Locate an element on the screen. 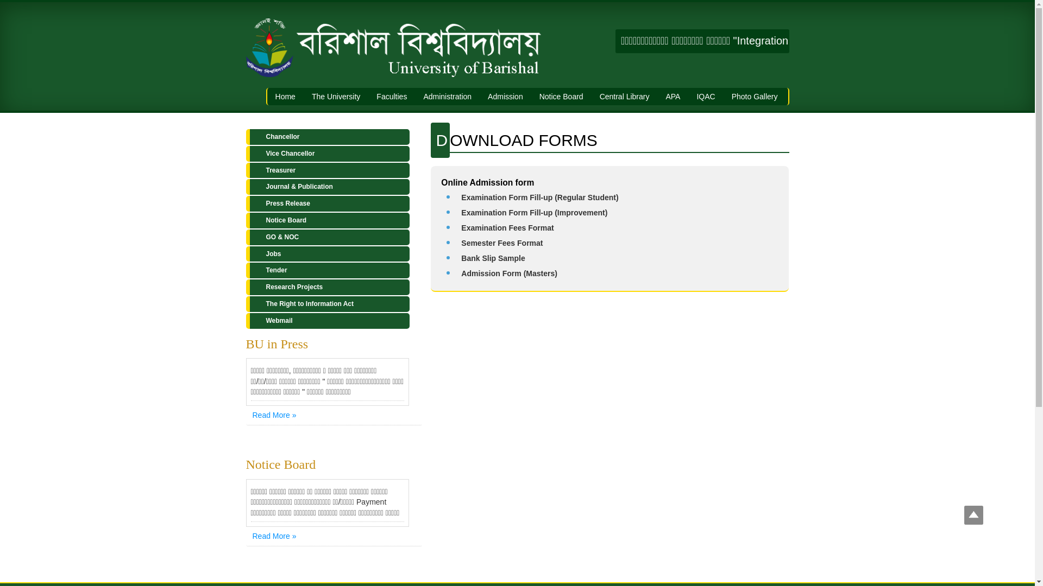 Image resolution: width=1043 pixels, height=586 pixels. 'APA' is located at coordinates (672, 95).